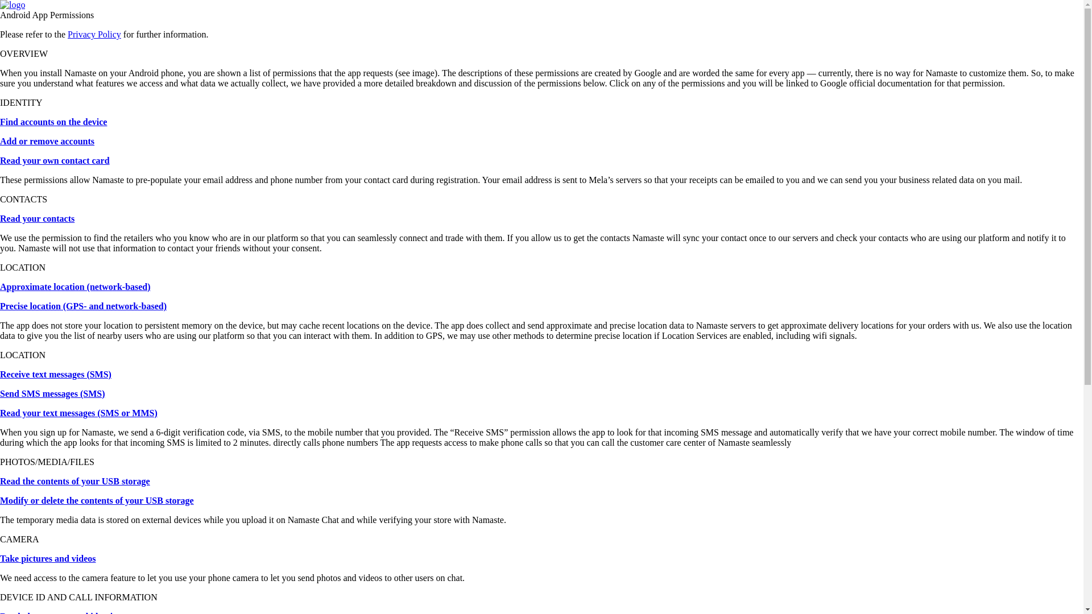  I want to click on 'Read your text messages (SMS or MMS)', so click(78, 413).